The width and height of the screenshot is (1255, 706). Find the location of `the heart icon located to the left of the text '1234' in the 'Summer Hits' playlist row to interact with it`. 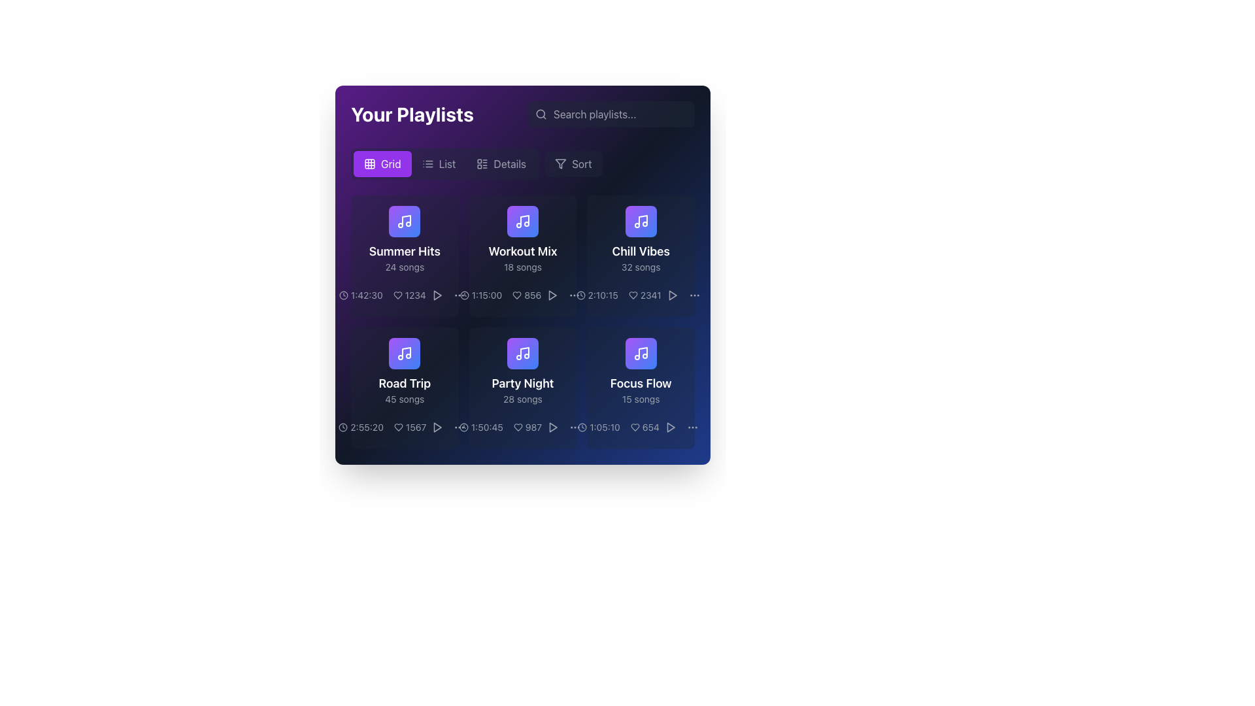

the heart icon located to the left of the text '1234' in the 'Summer Hits' playlist row to interact with it is located at coordinates (397, 295).